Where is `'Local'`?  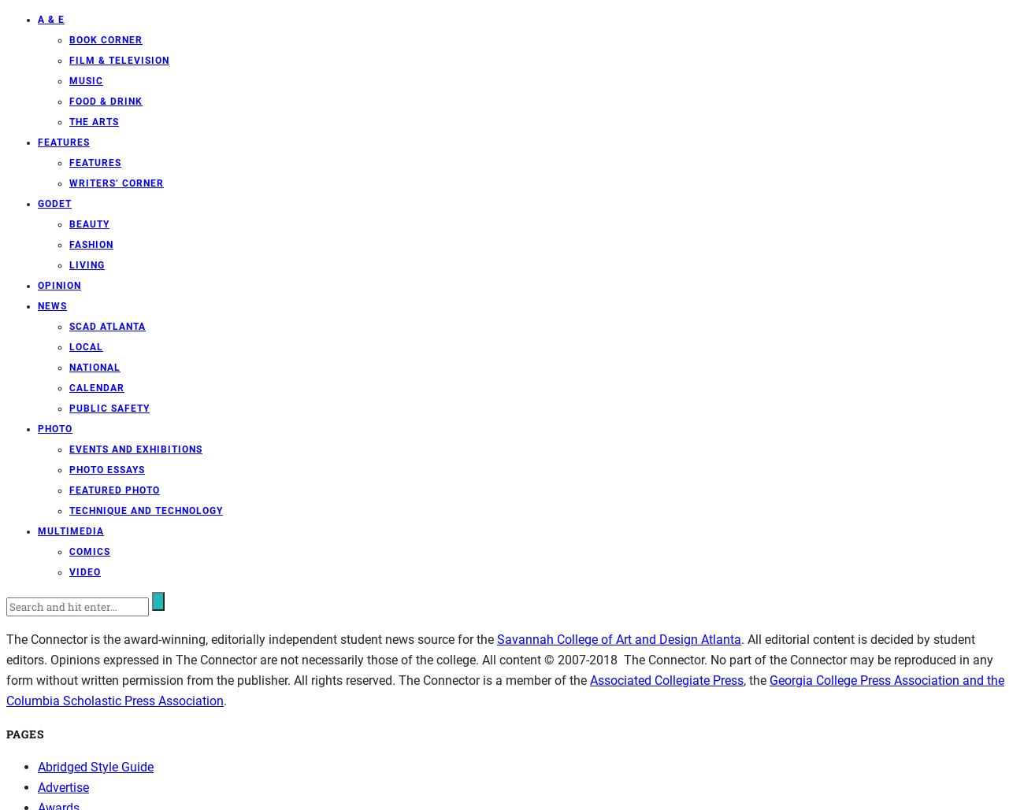 'Local' is located at coordinates (69, 347).